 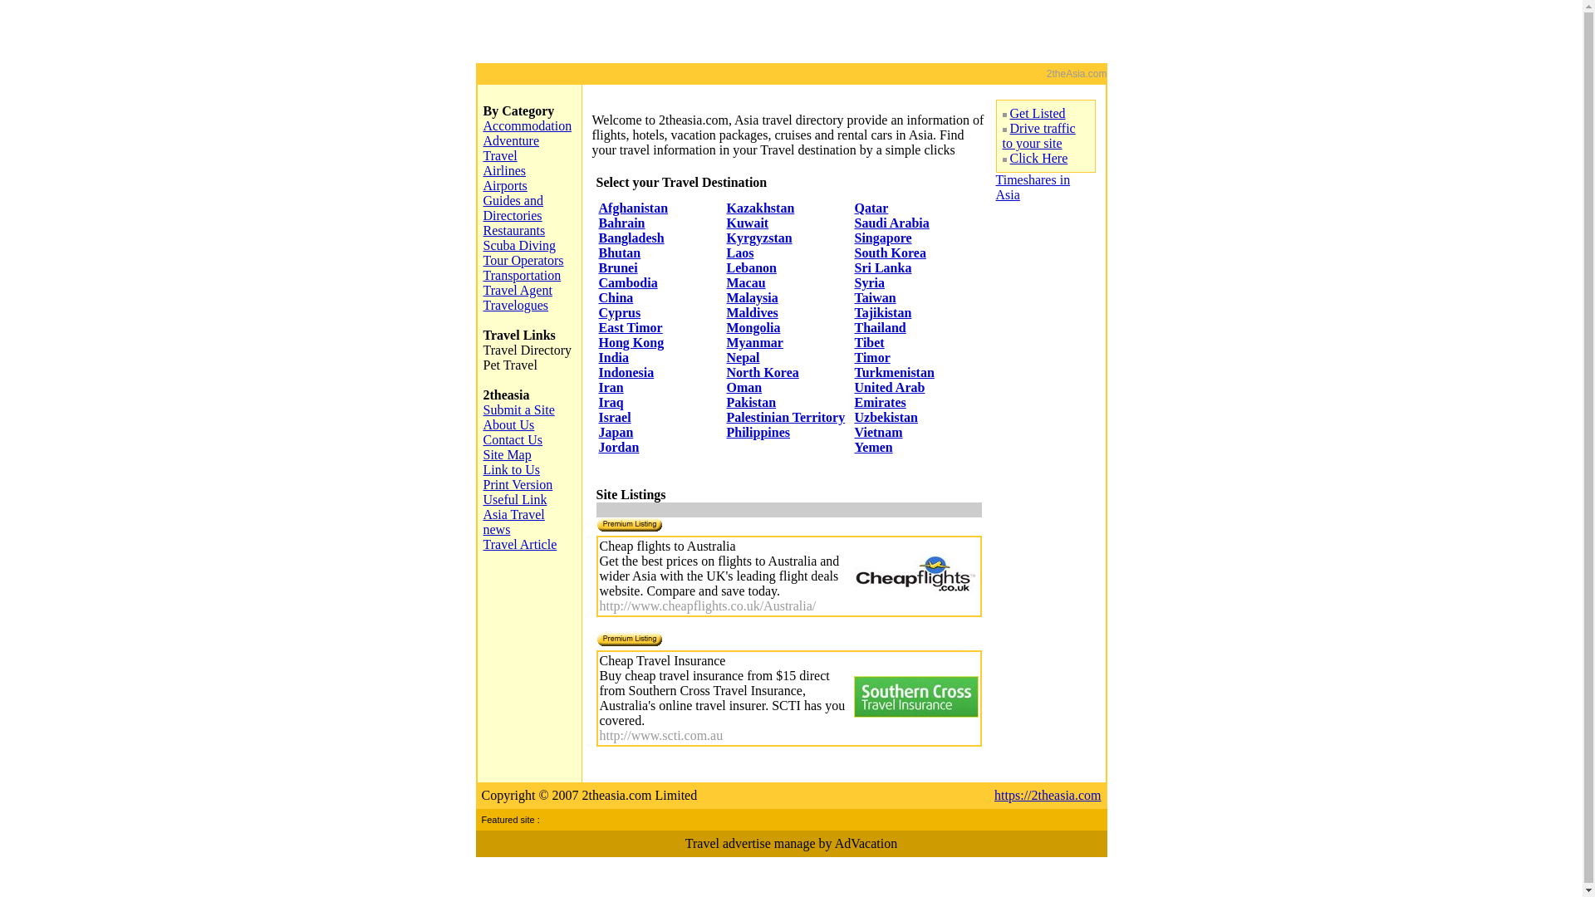 I want to click on 'Bangladesh', so click(x=630, y=238).